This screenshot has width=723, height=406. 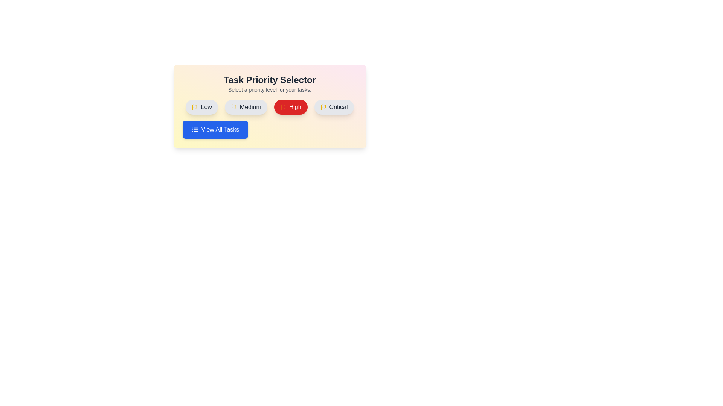 I want to click on the button labeled High to observe its hover effect, so click(x=290, y=107).